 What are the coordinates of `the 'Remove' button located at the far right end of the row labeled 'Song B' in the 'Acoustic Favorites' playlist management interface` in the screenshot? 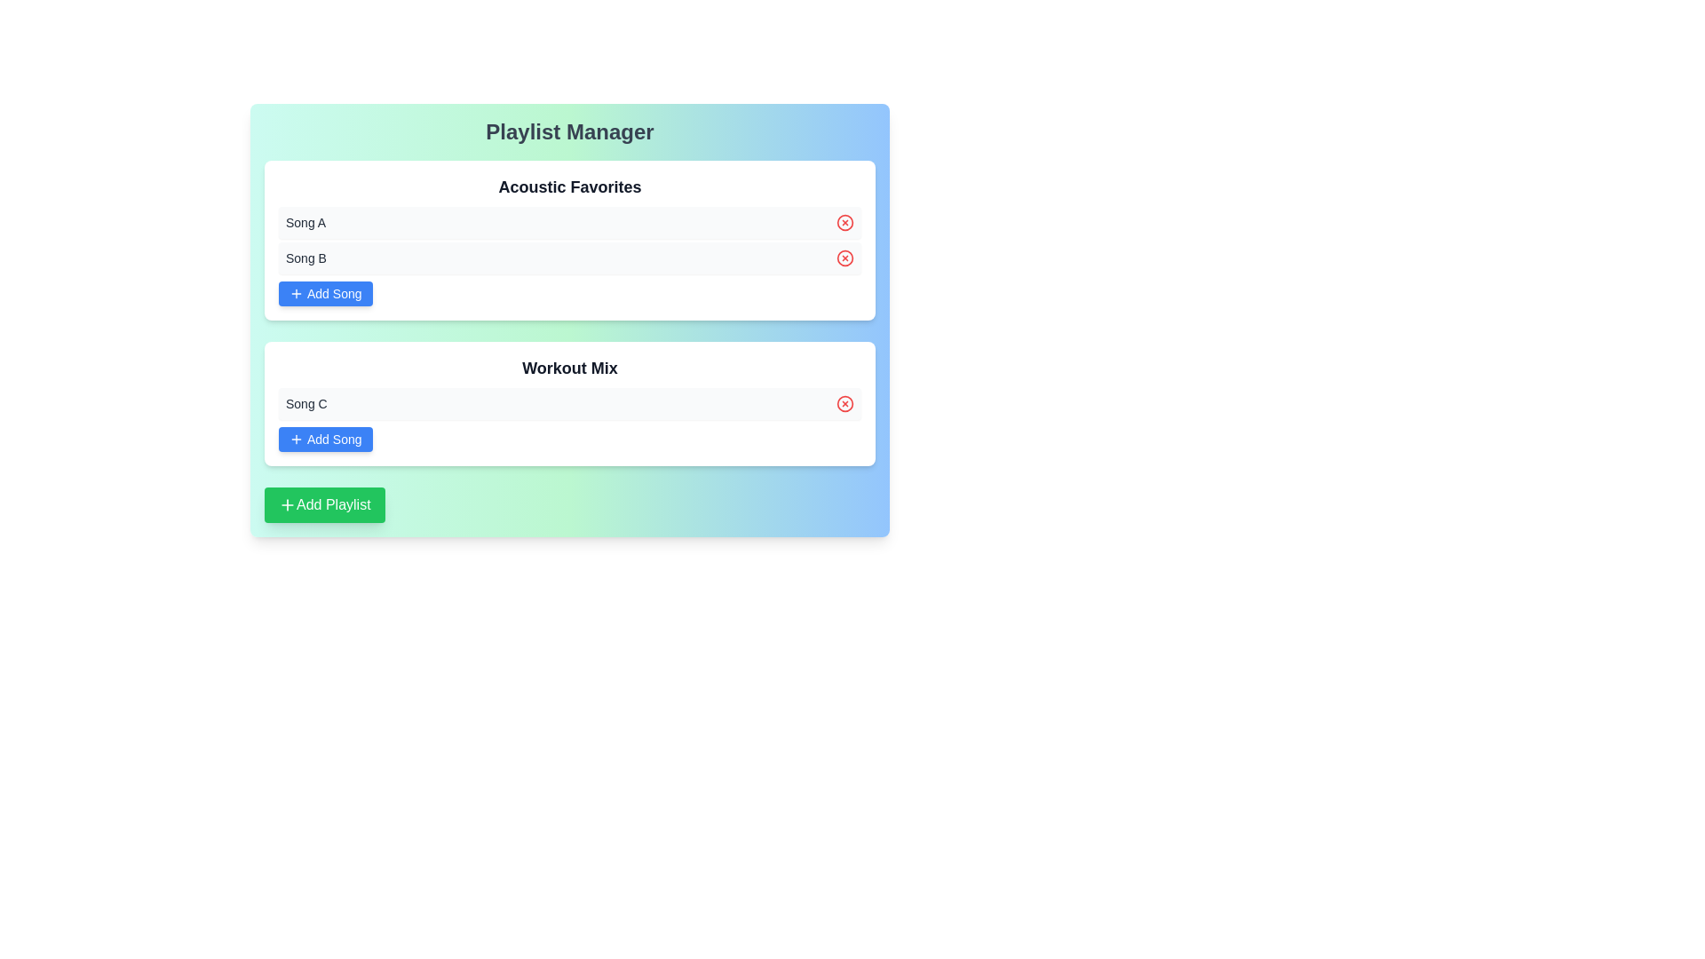 It's located at (844, 258).